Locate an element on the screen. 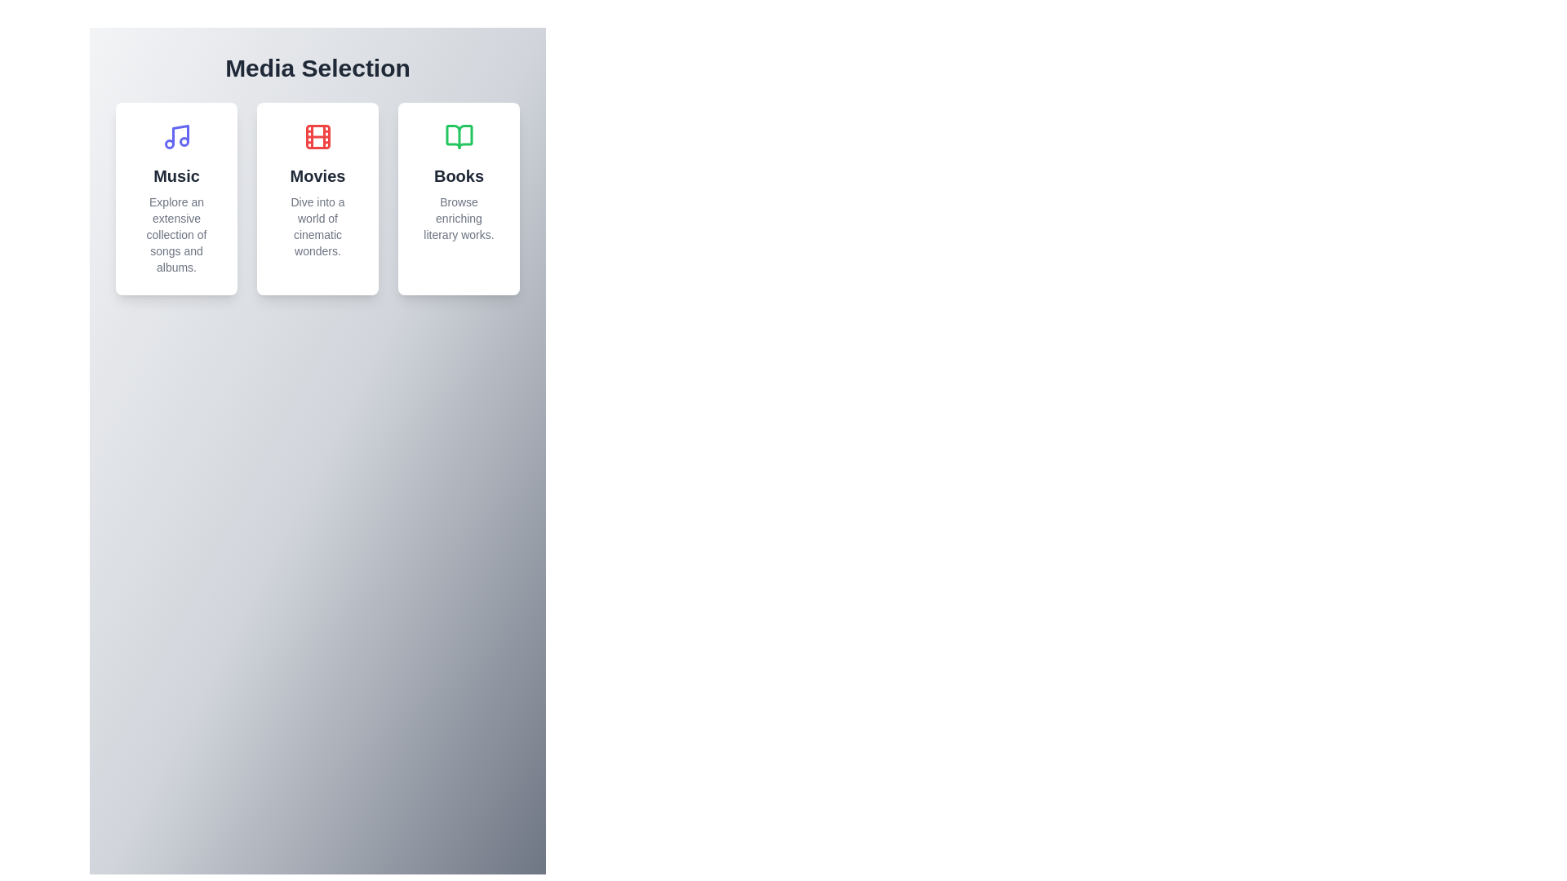  the descriptive text label located within the 'Books' section card, positioned directly underneath the title 'Books' is located at coordinates (458, 217).